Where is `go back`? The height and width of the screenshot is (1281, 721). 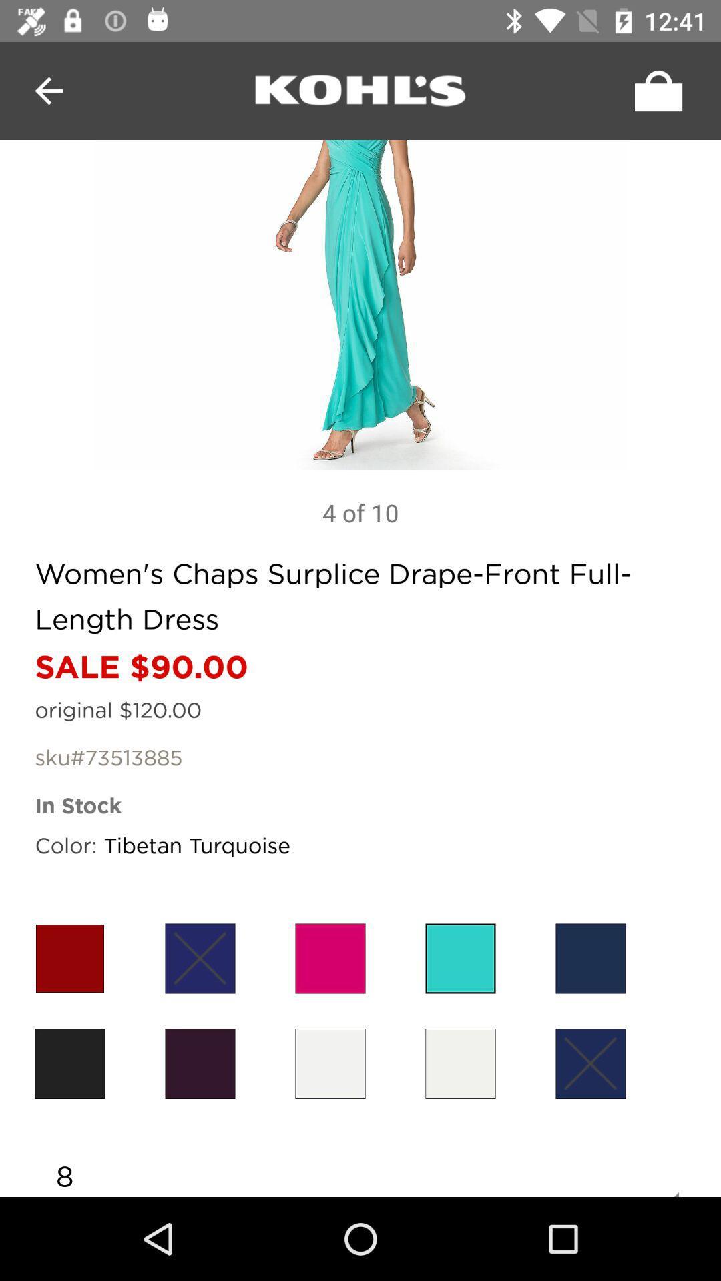
go back is located at coordinates (48, 90).